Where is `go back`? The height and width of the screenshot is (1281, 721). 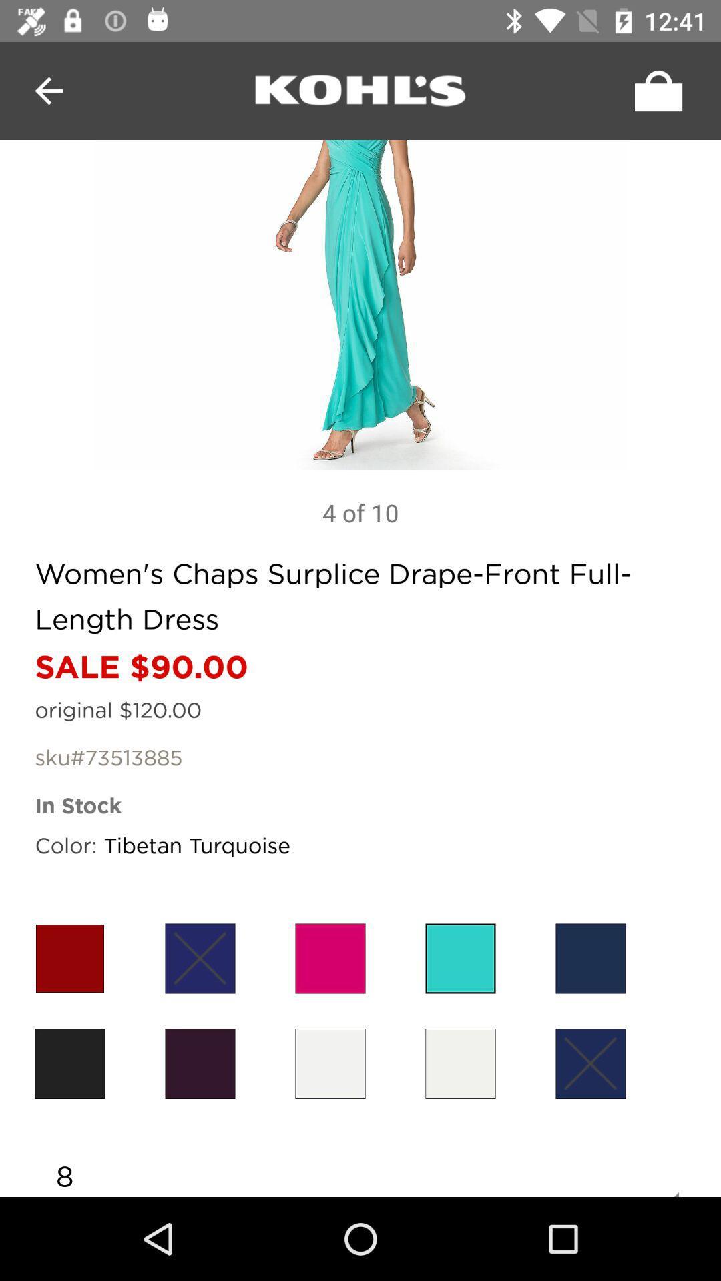
go back is located at coordinates (48, 90).